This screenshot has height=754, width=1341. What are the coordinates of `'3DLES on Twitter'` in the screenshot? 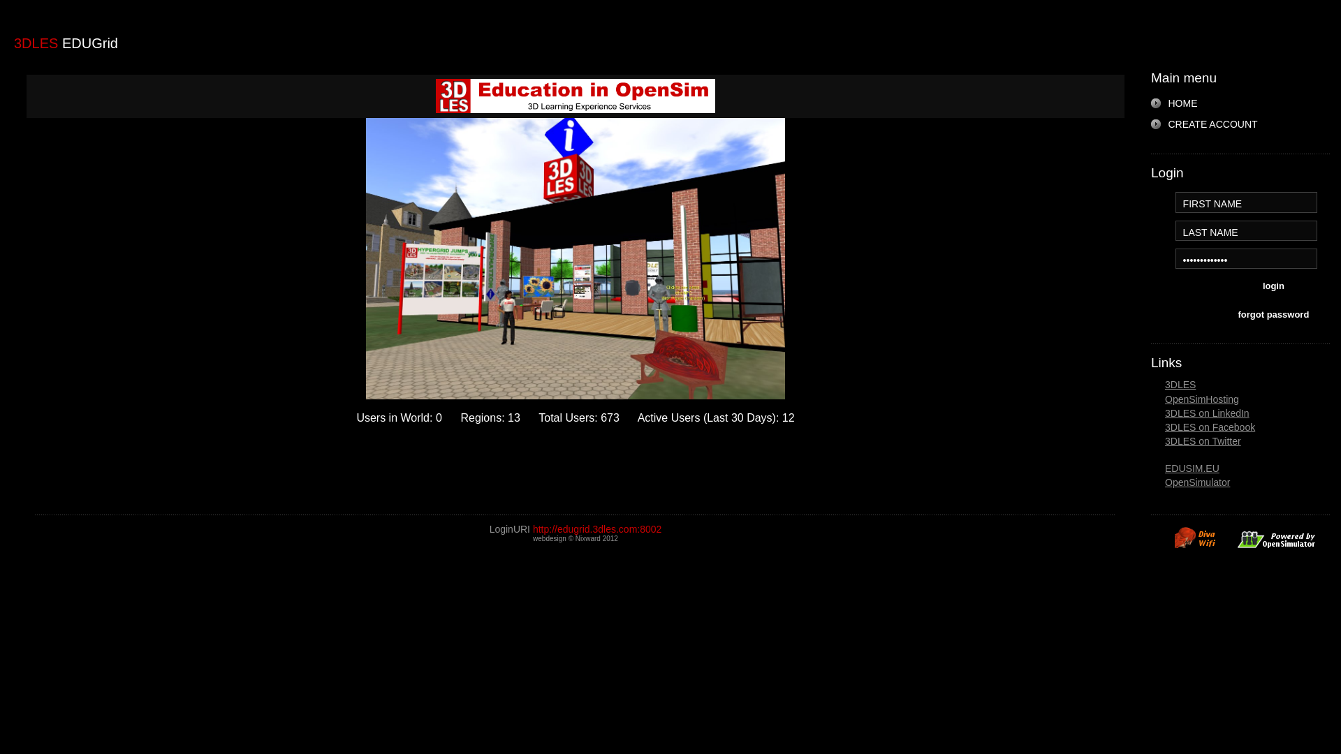 It's located at (1165, 441).